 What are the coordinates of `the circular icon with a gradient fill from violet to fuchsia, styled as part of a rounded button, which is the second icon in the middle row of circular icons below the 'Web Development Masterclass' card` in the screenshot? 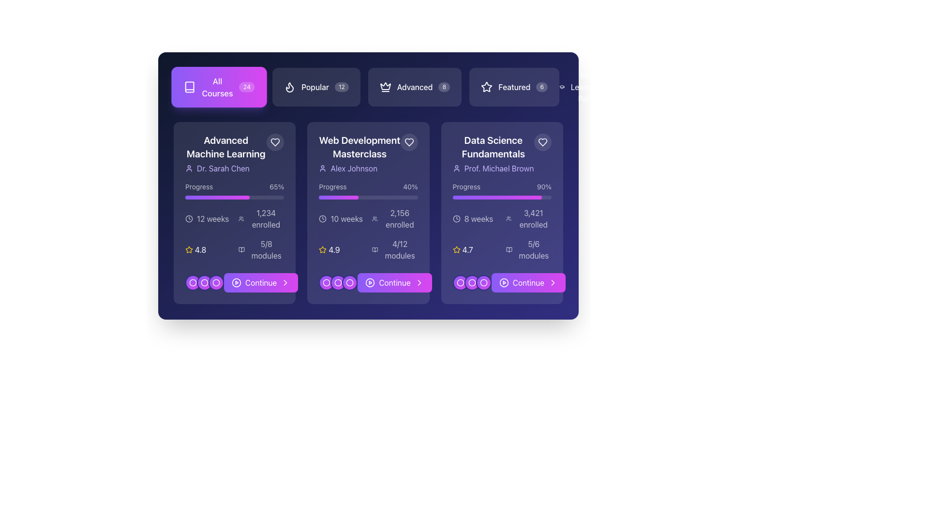 It's located at (338, 282).